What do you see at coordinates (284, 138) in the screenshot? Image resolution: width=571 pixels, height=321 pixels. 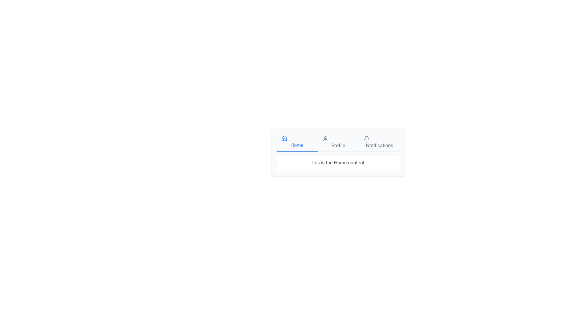 I see `the 'Home' icon, which visually represents the concept of 'Home' in the user interface` at bounding box center [284, 138].